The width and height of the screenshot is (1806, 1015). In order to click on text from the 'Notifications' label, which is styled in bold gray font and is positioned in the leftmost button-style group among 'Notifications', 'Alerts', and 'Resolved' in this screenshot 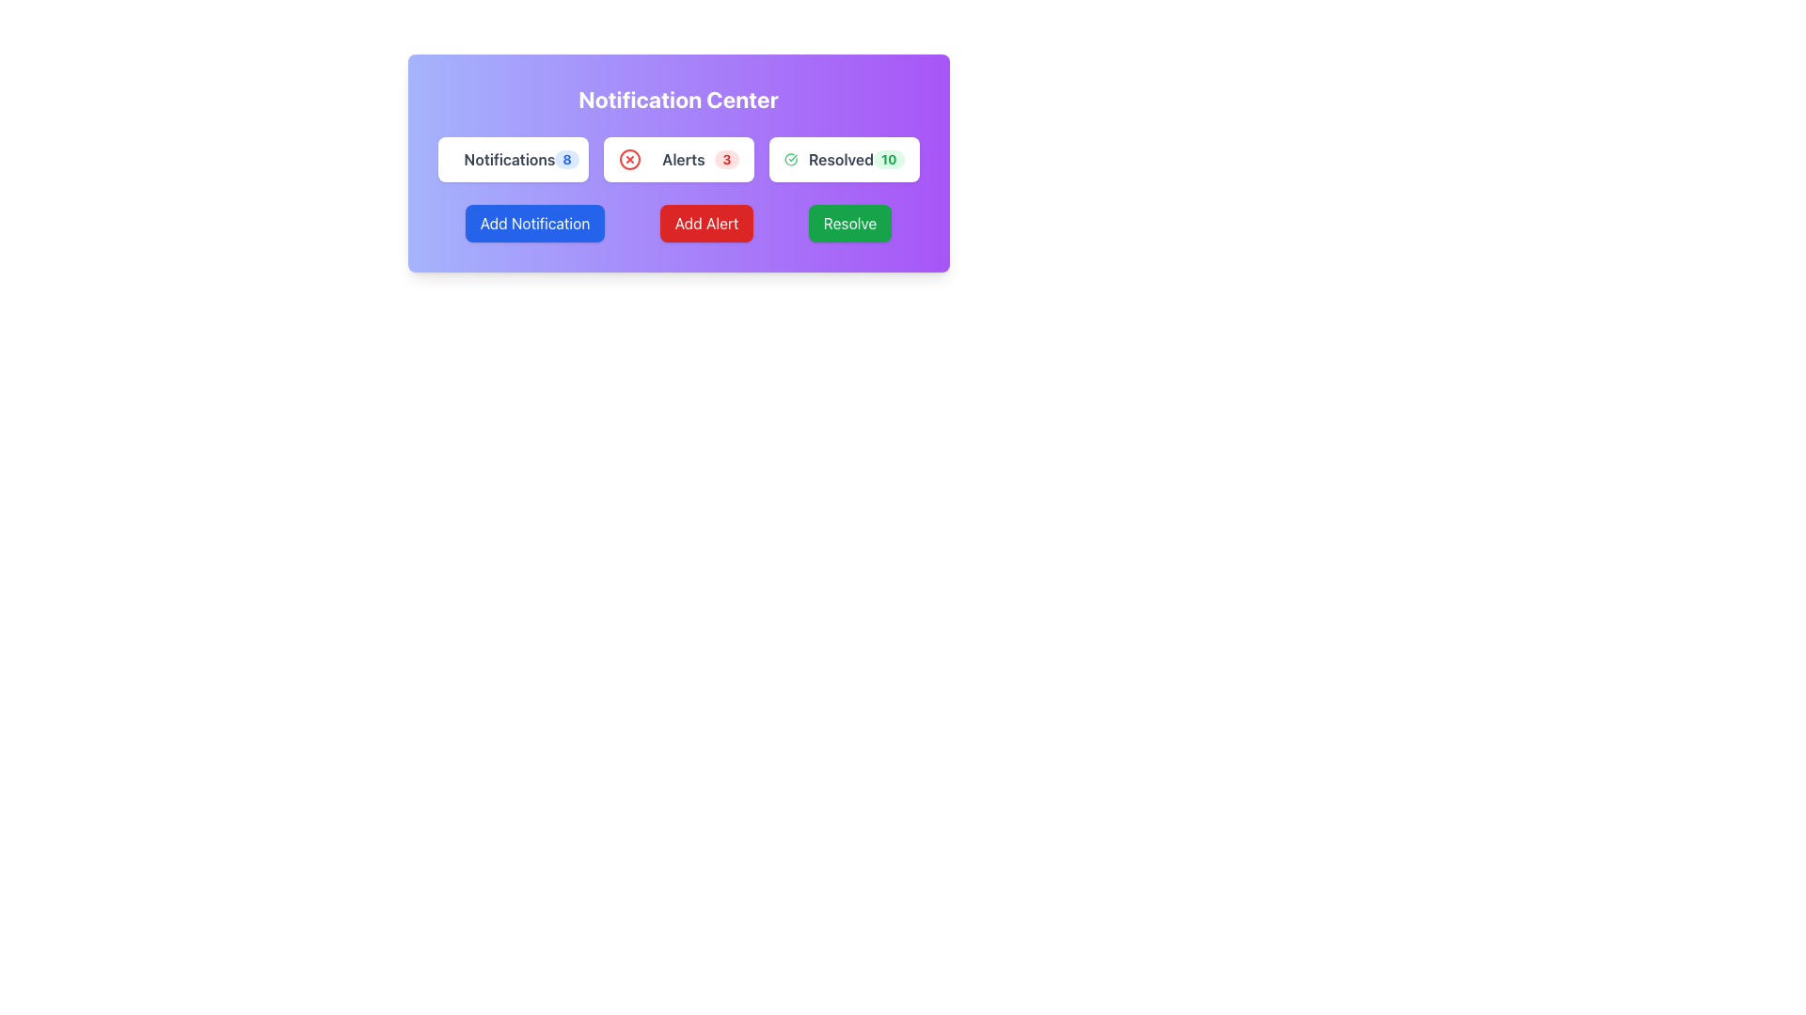, I will do `click(509, 158)`.